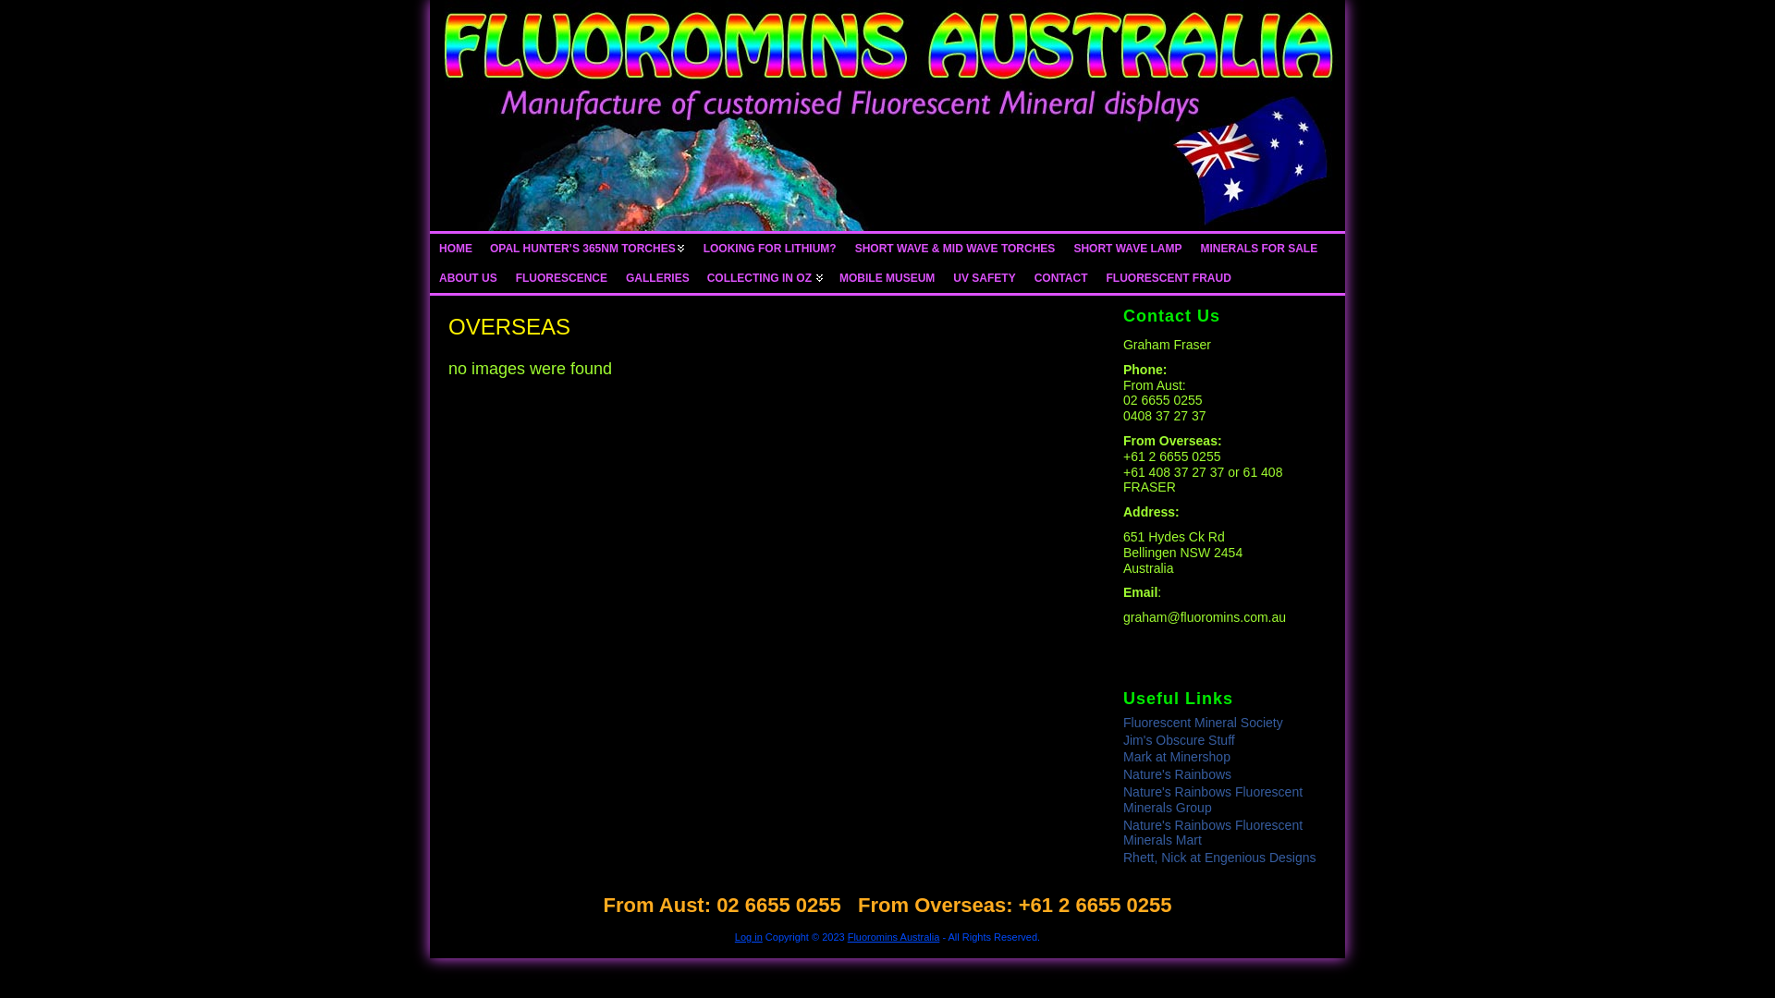 The image size is (1775, 998). Describe the element at coordinates (893, 937) in the screenshot. I see `'Fluoromins Australia'` at that location.